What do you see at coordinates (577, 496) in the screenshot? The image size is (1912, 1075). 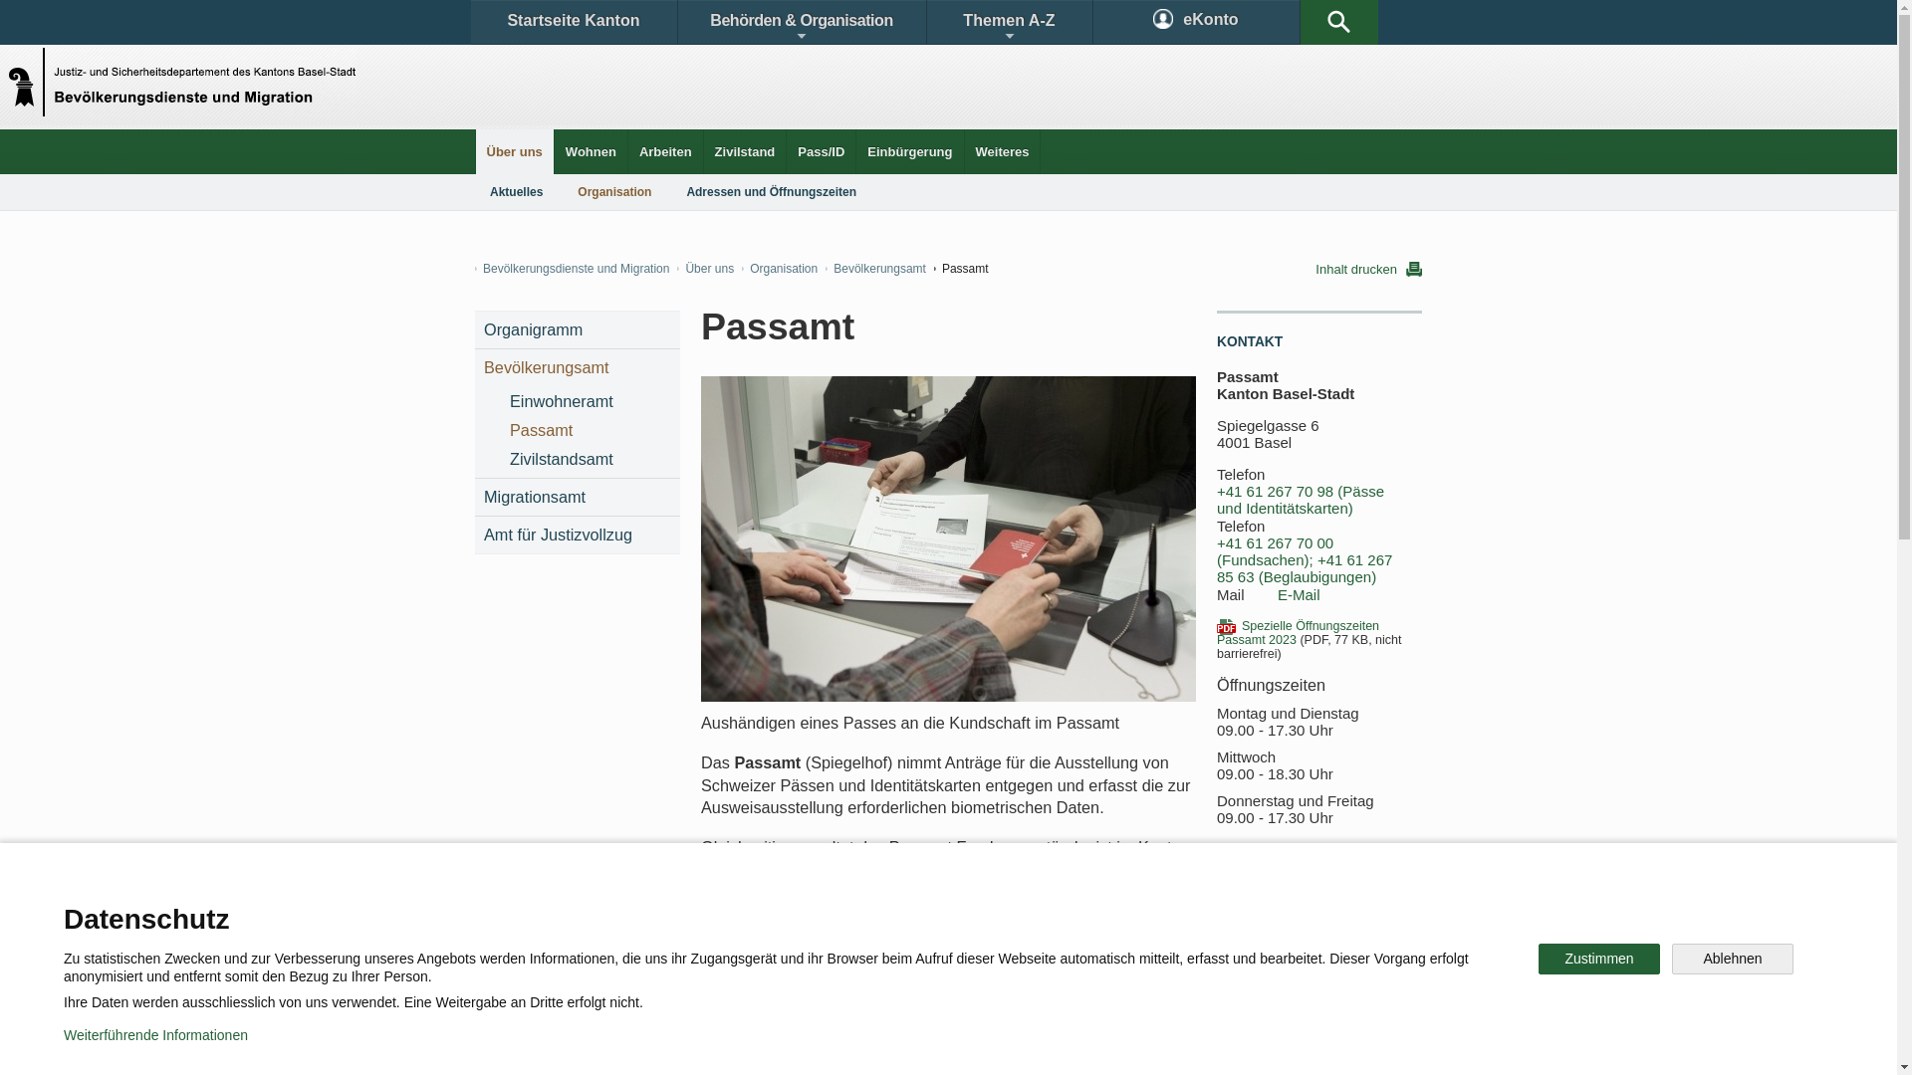 I see `'Migrationsamt'` at bounding box center [577, 496].